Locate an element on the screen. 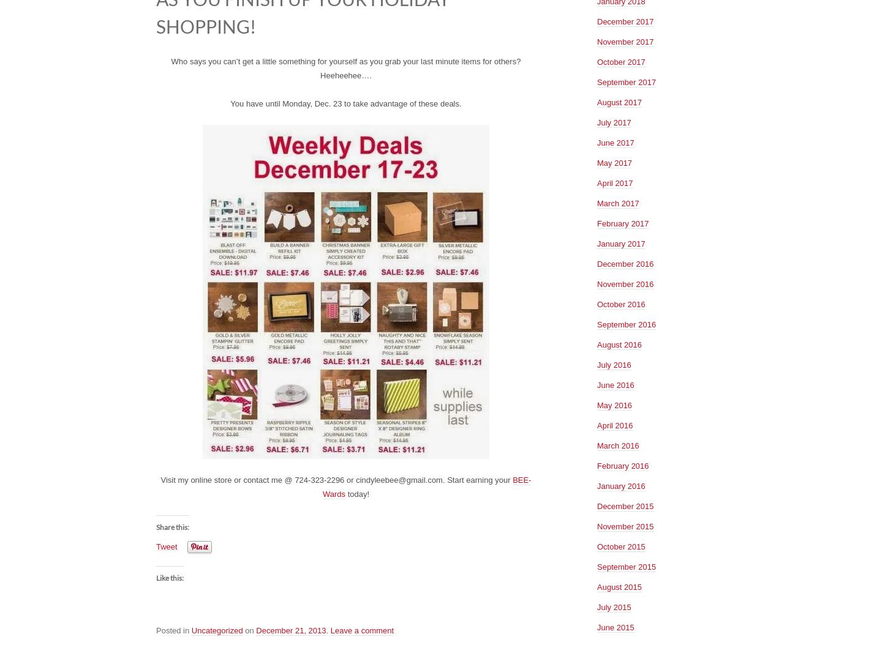 This screenshot has height=645, width=888. 'September 2017' is located at coordinates (626, 81).